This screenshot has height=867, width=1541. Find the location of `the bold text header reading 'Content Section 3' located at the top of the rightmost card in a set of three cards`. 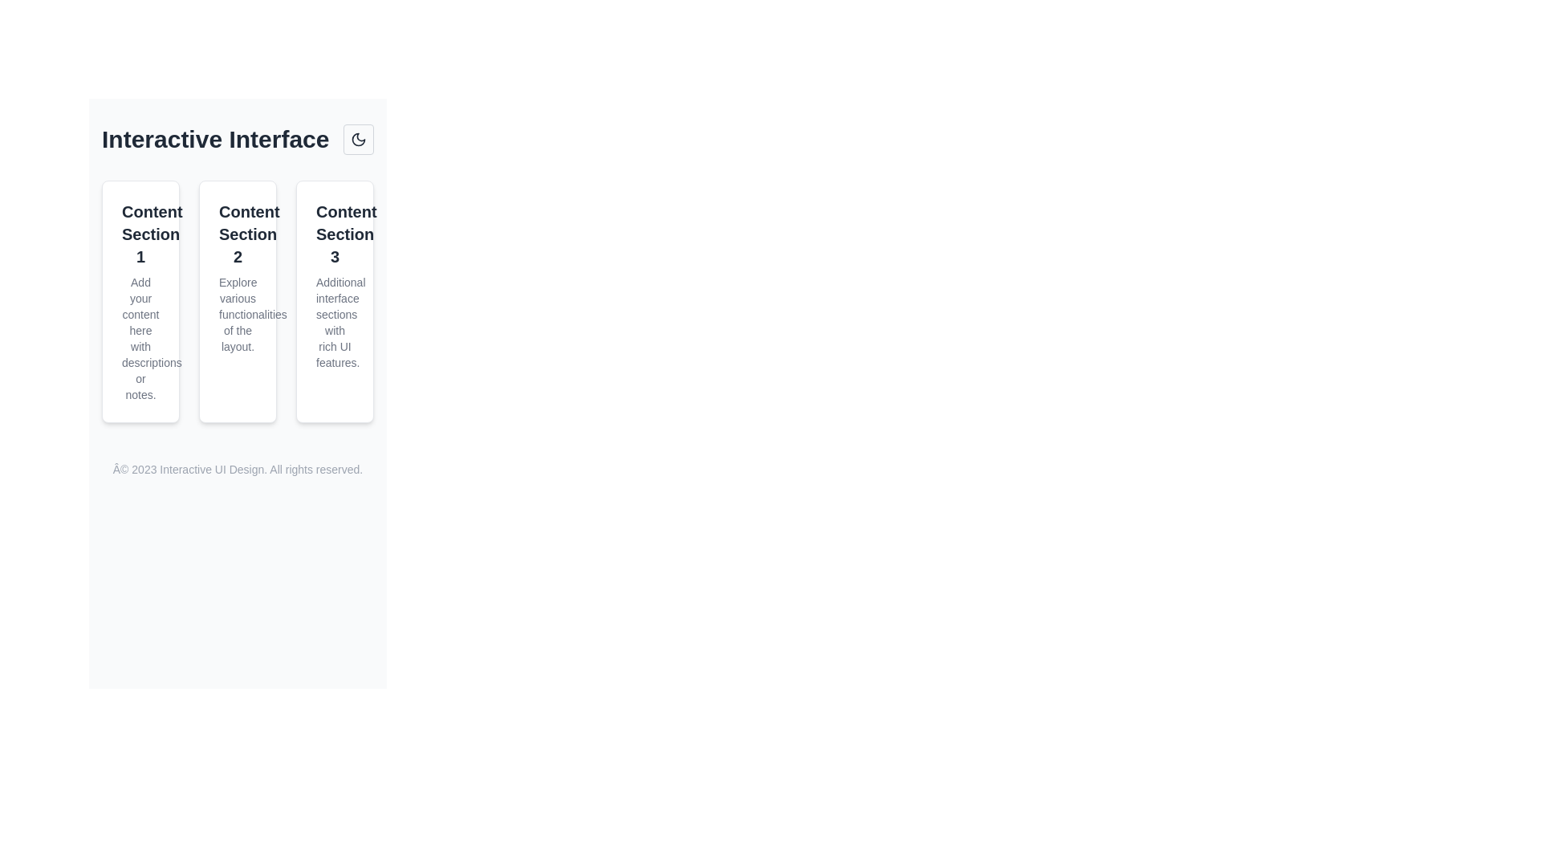

the bold text header reading 'Content Section 3' located at the top of the rightmost card in a set of three cards is located at coordinates (334, 234).